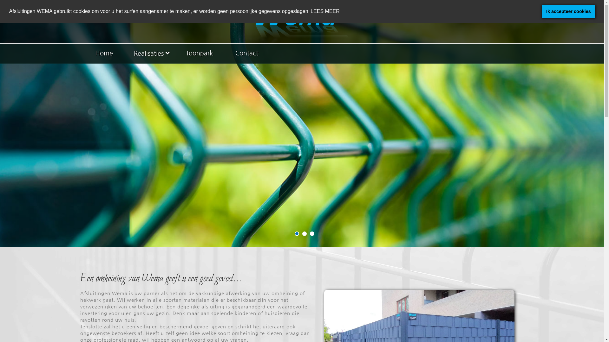  Describe the element at coordinates (568, 11) in the screenshot. I see `'Ik accepteer cookies'` at that location.